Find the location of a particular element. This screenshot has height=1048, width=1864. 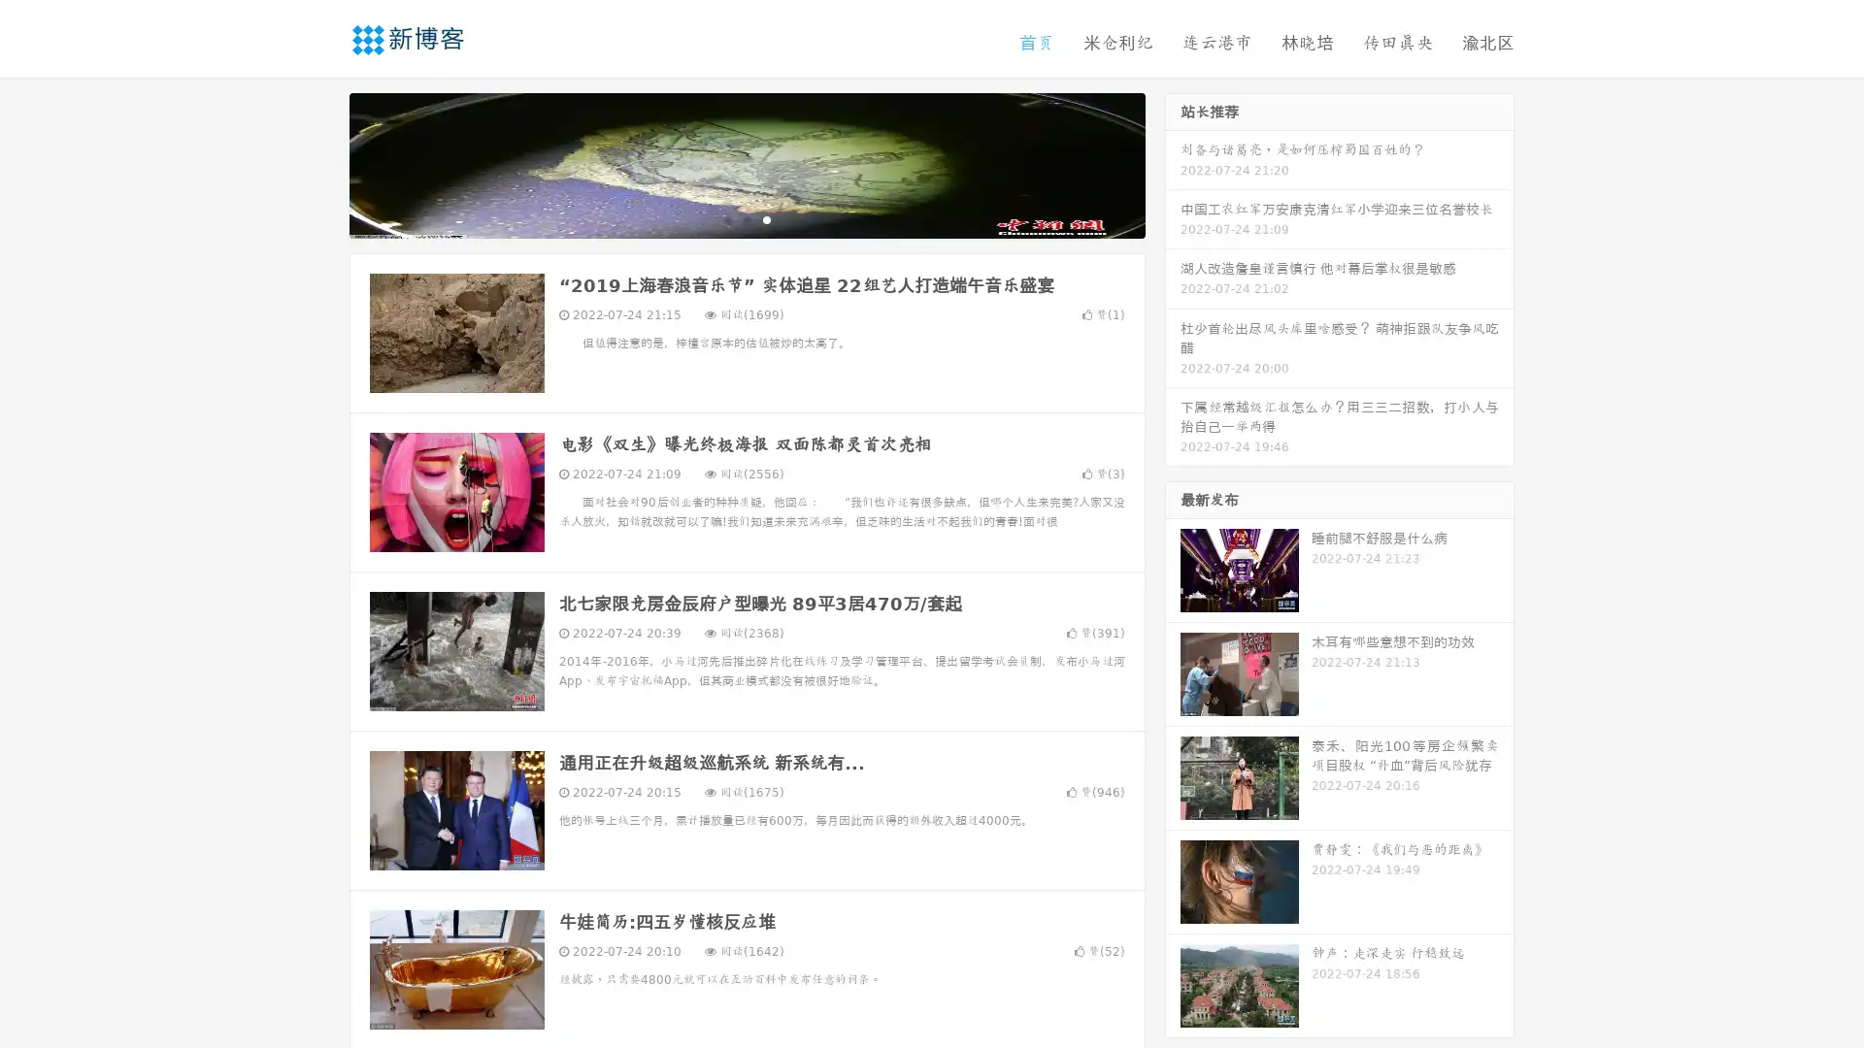

Next slide is located at coordinates (1173, 163).